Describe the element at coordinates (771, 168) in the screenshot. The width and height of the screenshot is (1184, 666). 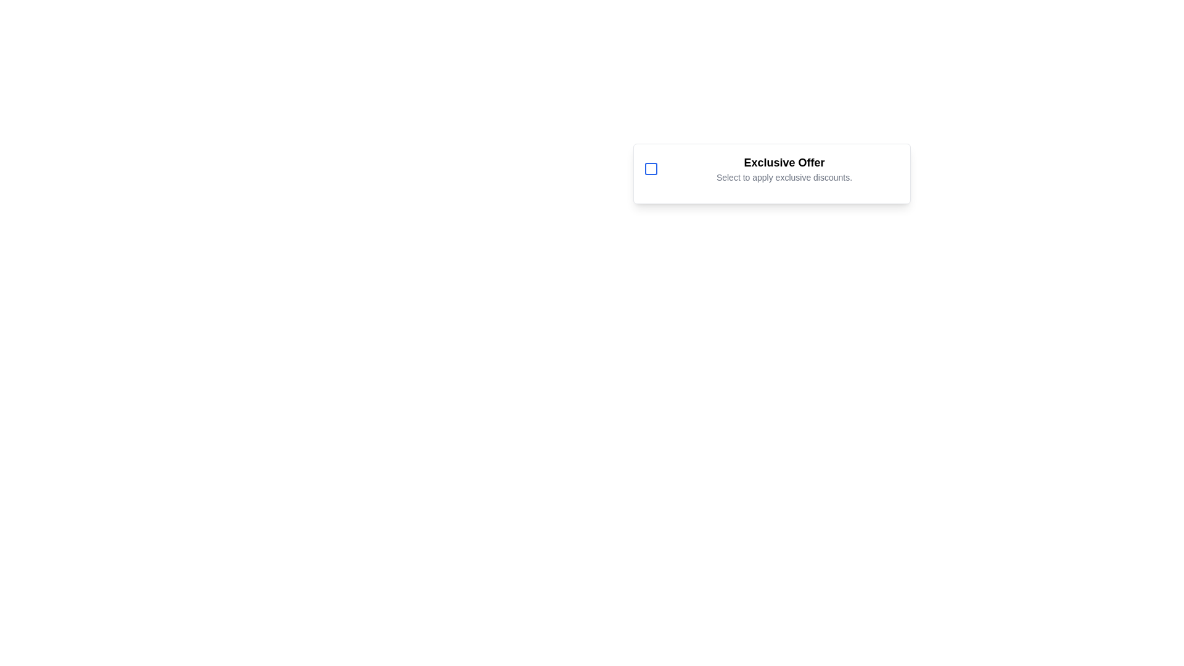
I see `the 'Exclusive Offer' checkbox element within the Information section, which is styled in bold with a smaller text below it, located in a white, rounded box` at that location.